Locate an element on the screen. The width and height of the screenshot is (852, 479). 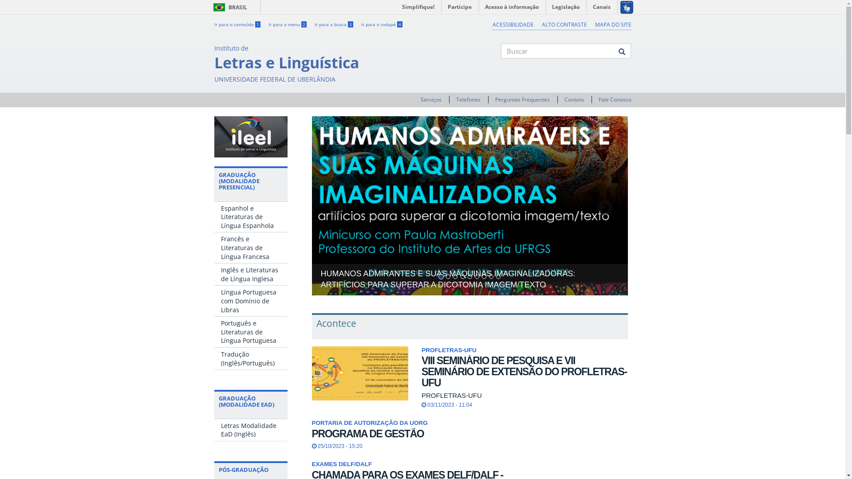
'Logotipo da Unidade' is located at coordinates (250, 137).